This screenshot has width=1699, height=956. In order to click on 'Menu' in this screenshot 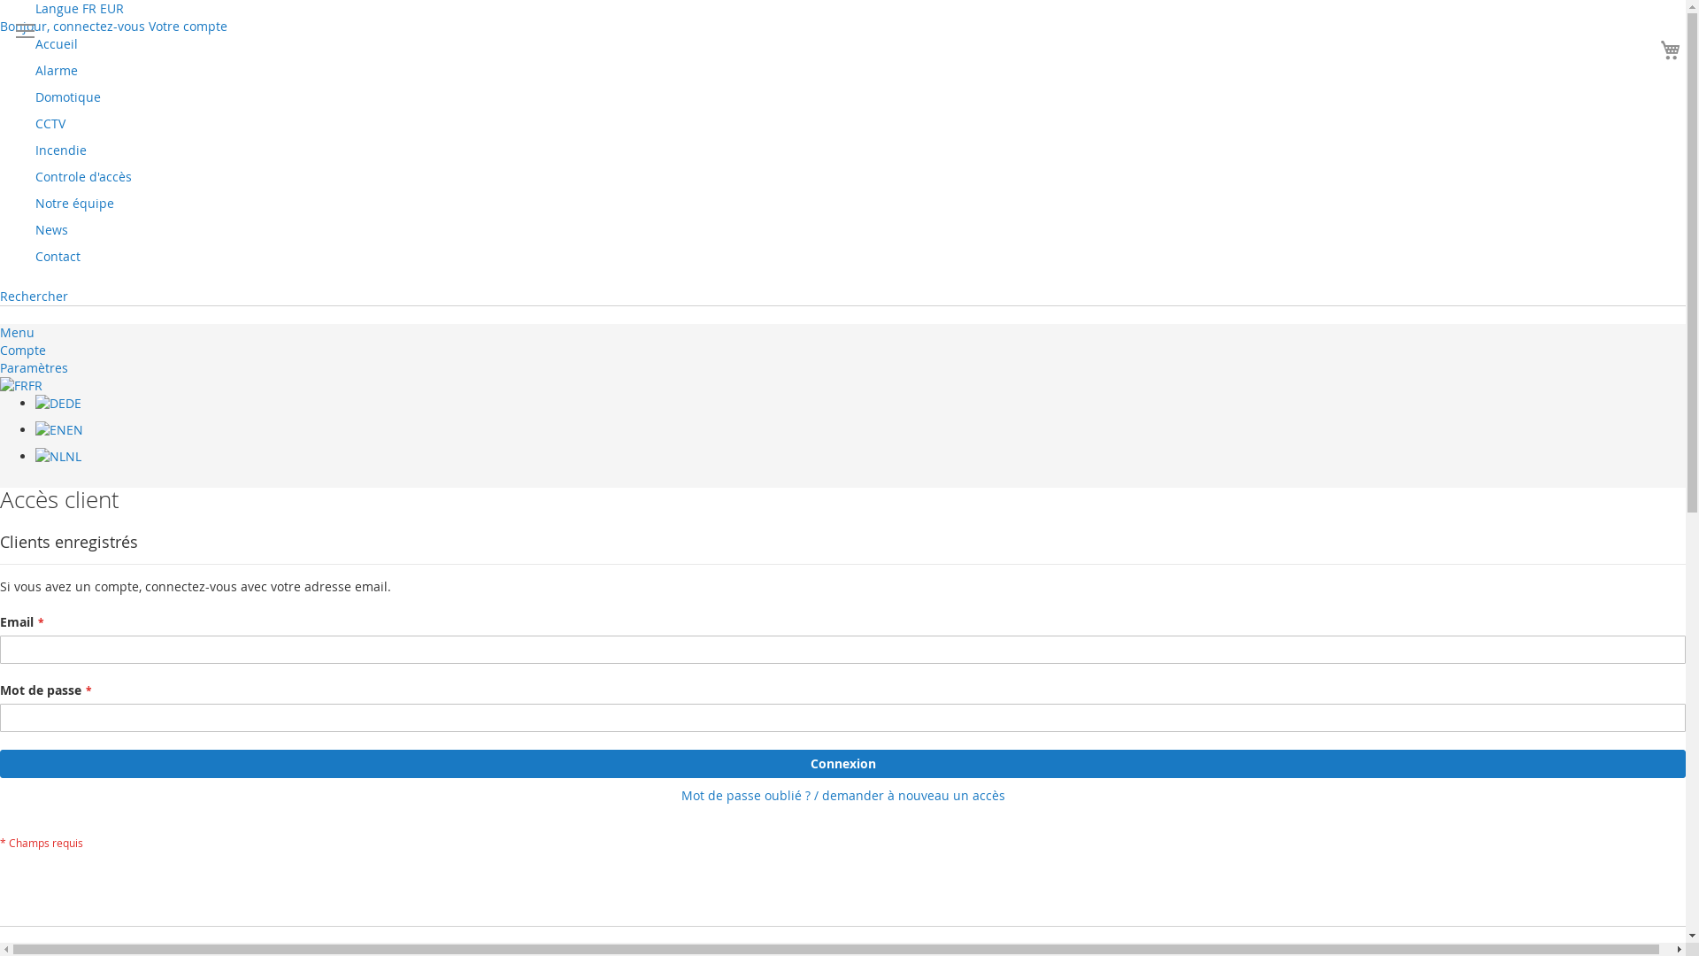, I will do `click(0, 332)`.